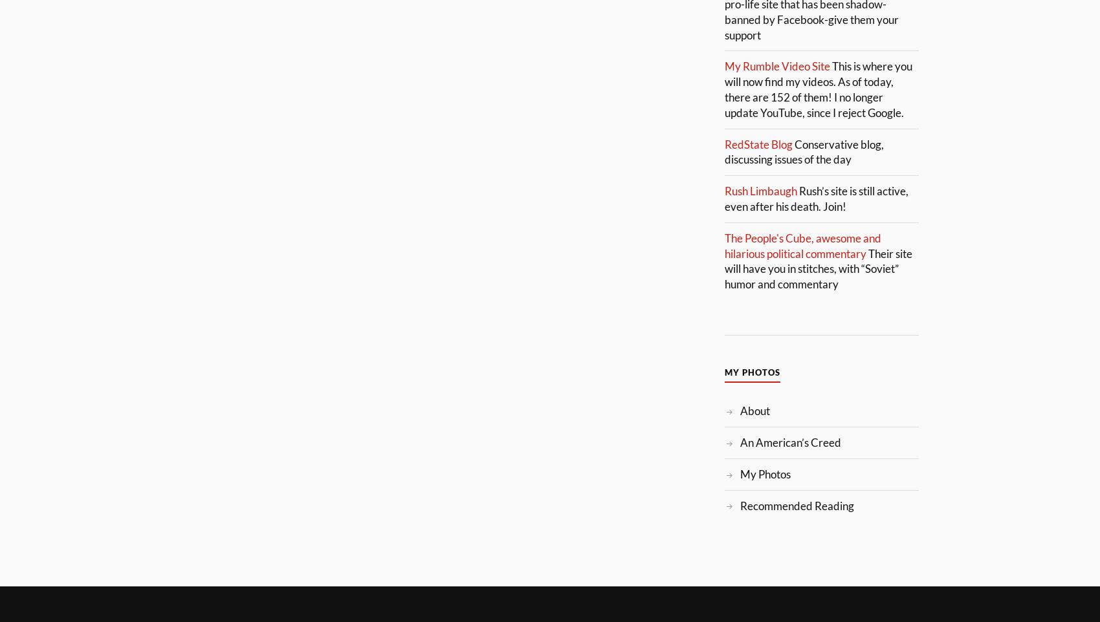 The height and width of the screenshot is (622, 1100). What do you see at coordinates (816, 198) in the screenshot?
I see `'Rush’s site is still active, even after his death.  Join!'` at bounding box center [816, 198].